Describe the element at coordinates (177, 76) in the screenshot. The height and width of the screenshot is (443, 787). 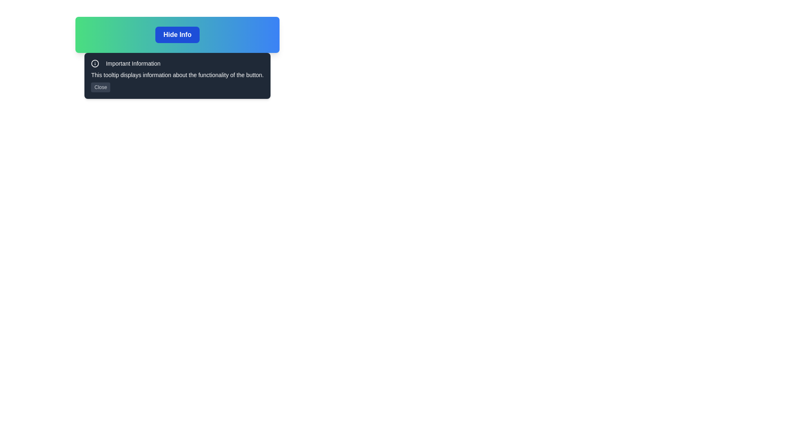
I see `information displayed in the tooltip, which is located below the 'Hide Info' button and contains a dismiss button` at that location.